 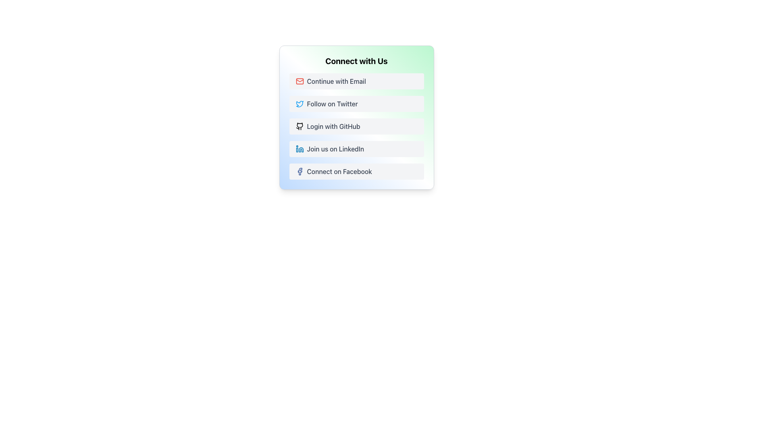 I want to click on the Facebook logotype icon, which is styled with a blue stroke and located within the 'Connect on Facebook' section at the bottom of the list of social media options, to initiate connection, so click(x=300, y=171).